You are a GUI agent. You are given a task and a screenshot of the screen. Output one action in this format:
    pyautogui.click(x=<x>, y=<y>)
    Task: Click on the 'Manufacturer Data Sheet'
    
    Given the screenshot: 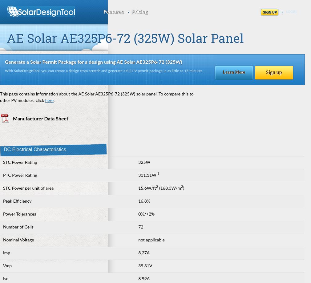 What is the action you would take?
    pyautogui.click(x=40, y=119)
    